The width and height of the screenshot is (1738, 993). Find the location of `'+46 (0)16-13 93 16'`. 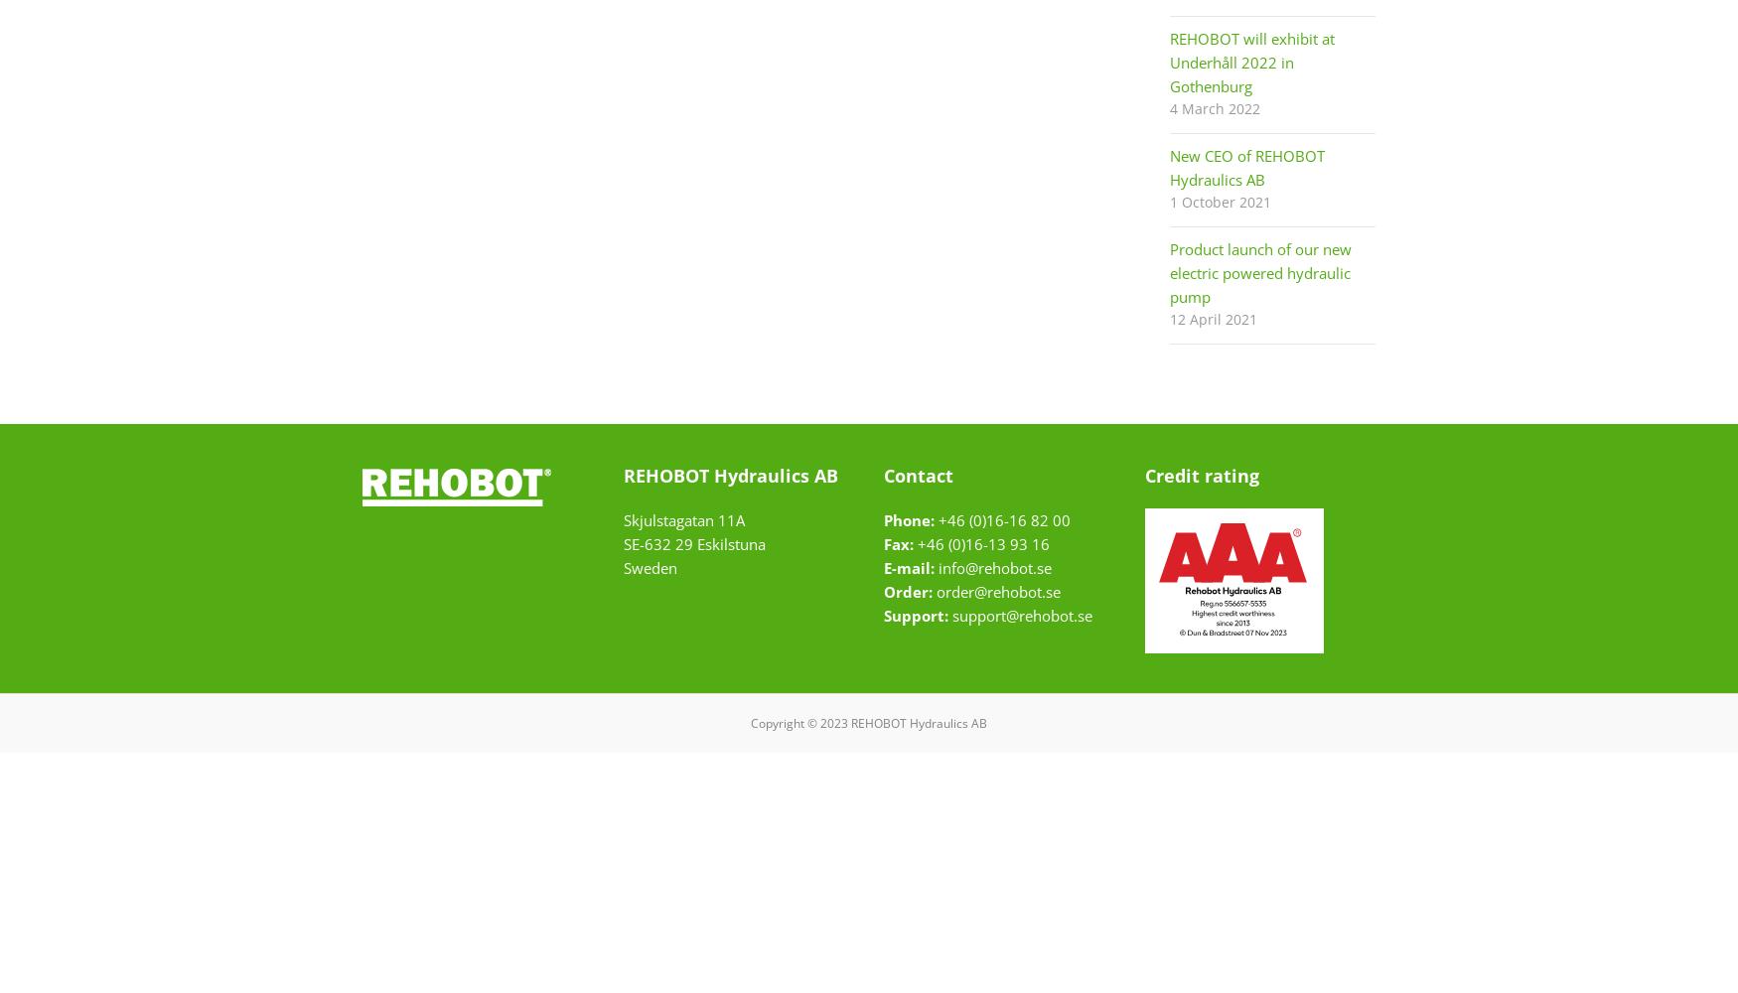

'+46 (0)16-13 93 16' is located at coordinates (981, 544).